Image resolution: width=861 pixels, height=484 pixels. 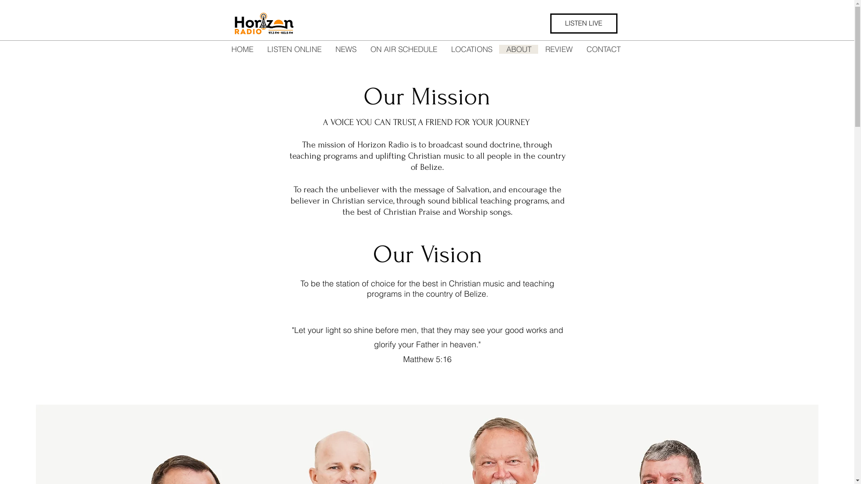 What do you see at coordinates (403, 49) in the screenshot?
I see `'ON AIR SCHEDULE'` at bounding box center [403, 49].